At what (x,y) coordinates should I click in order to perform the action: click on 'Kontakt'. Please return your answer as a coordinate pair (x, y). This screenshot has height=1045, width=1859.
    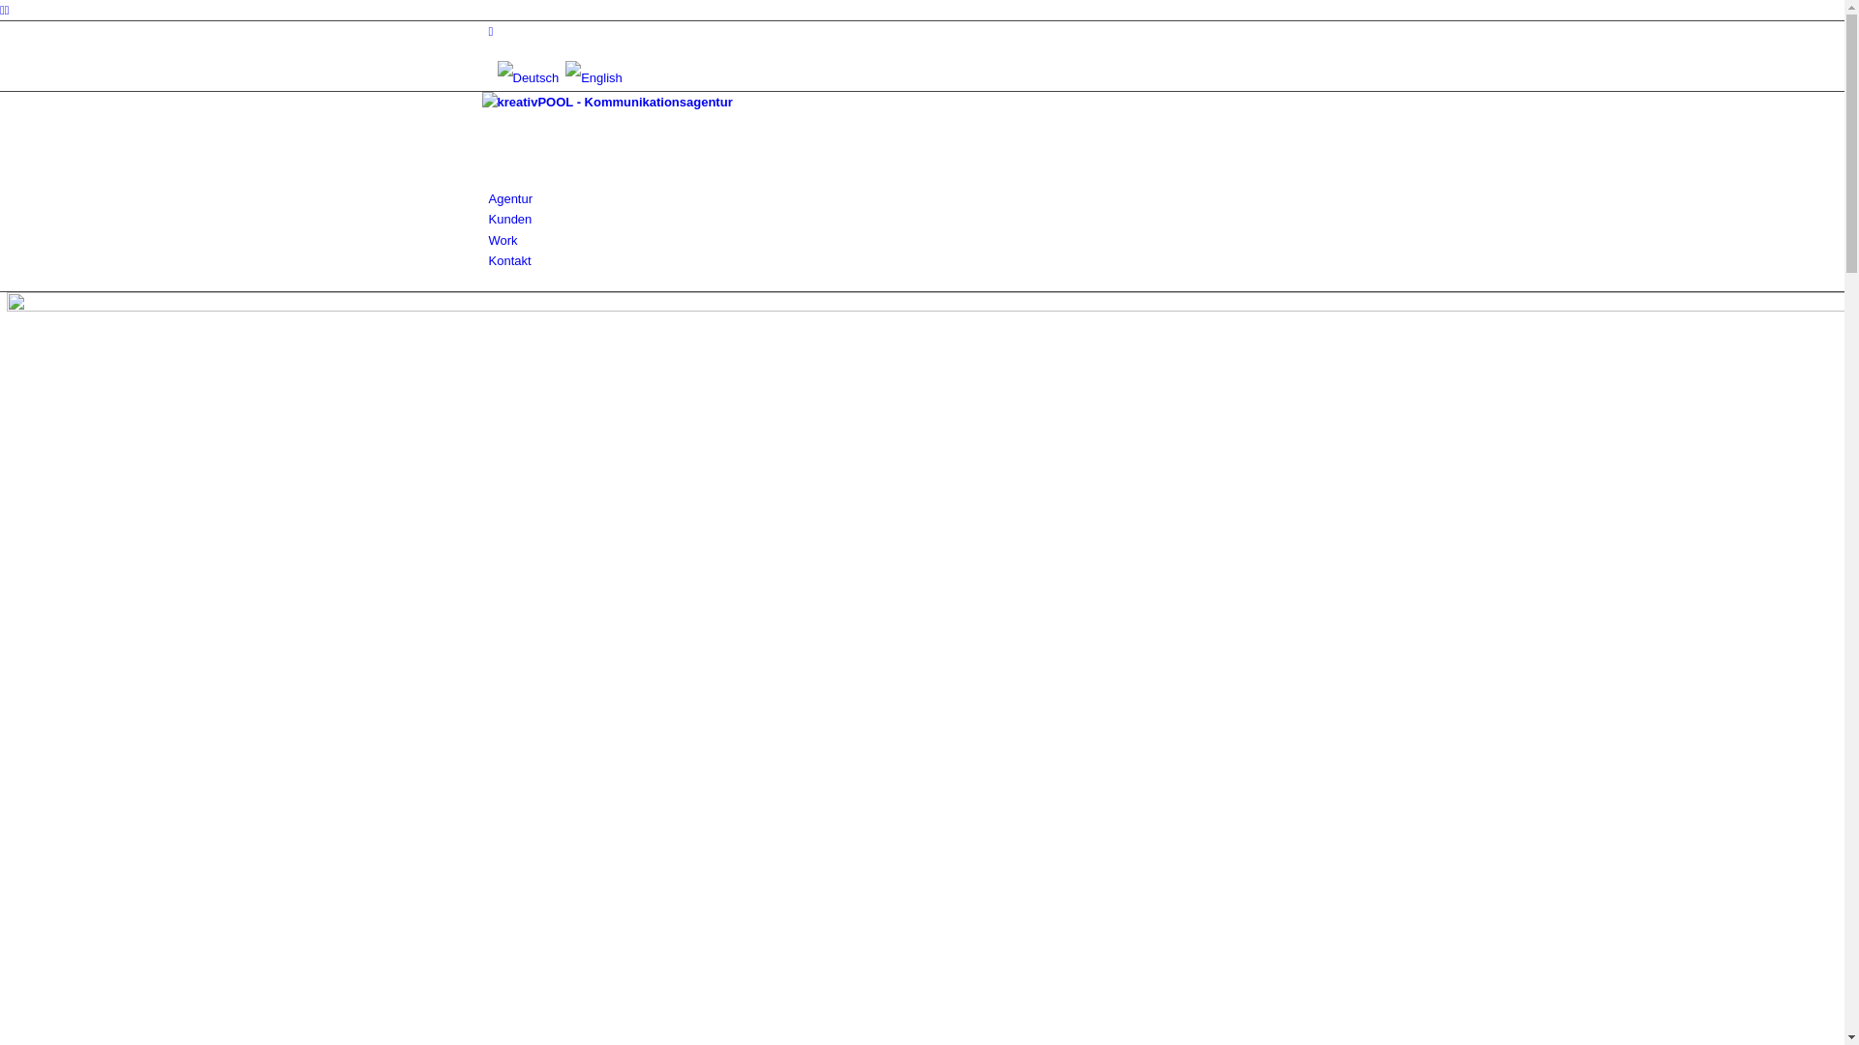
    Looking at the image, I should click on (509, 259).